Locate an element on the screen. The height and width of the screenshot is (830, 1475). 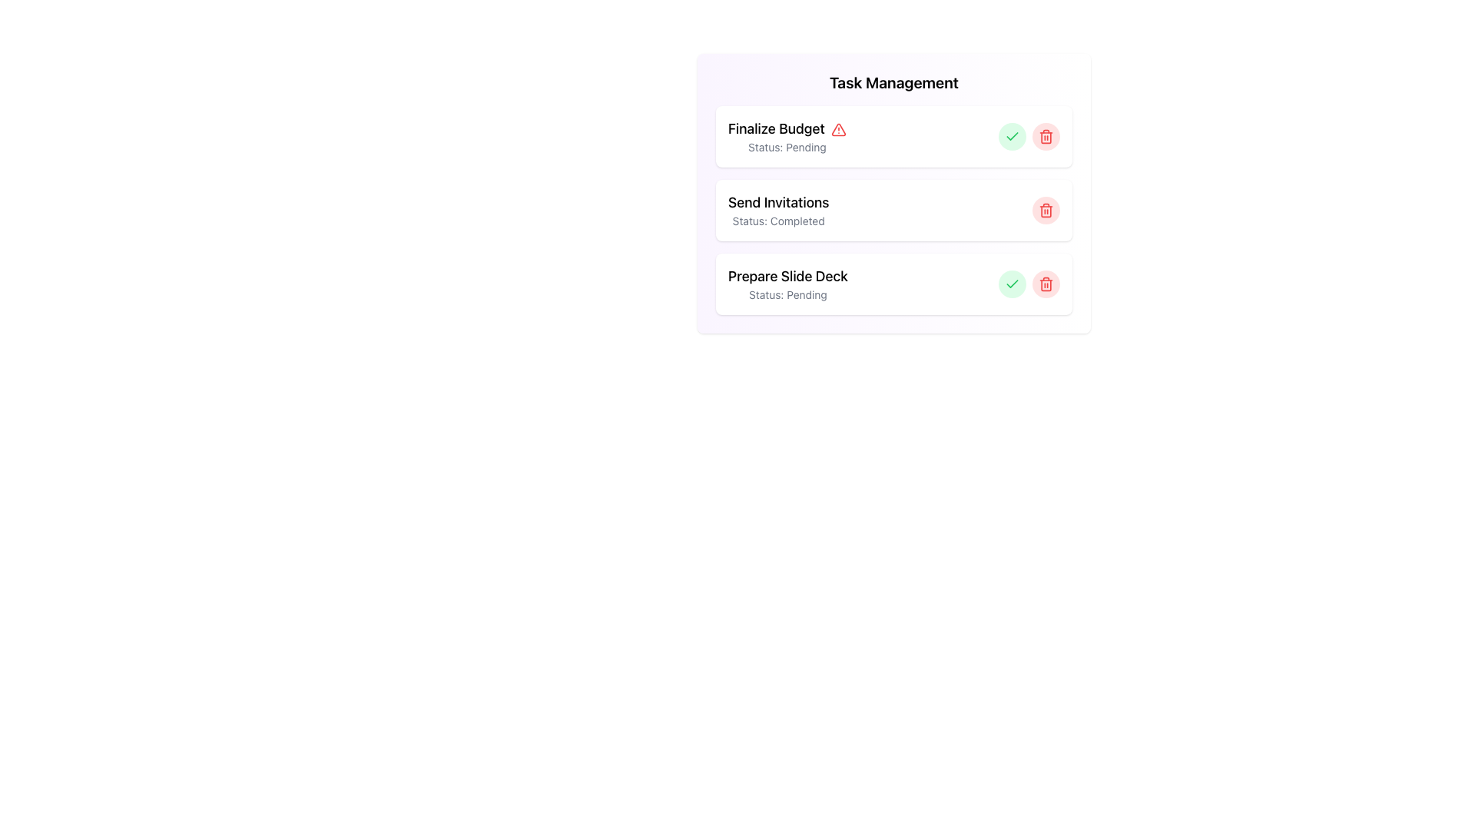
the appearance of the red triangular alert icon located next to the 'Finalize Budget' task item is located at coordinates (837, 129).